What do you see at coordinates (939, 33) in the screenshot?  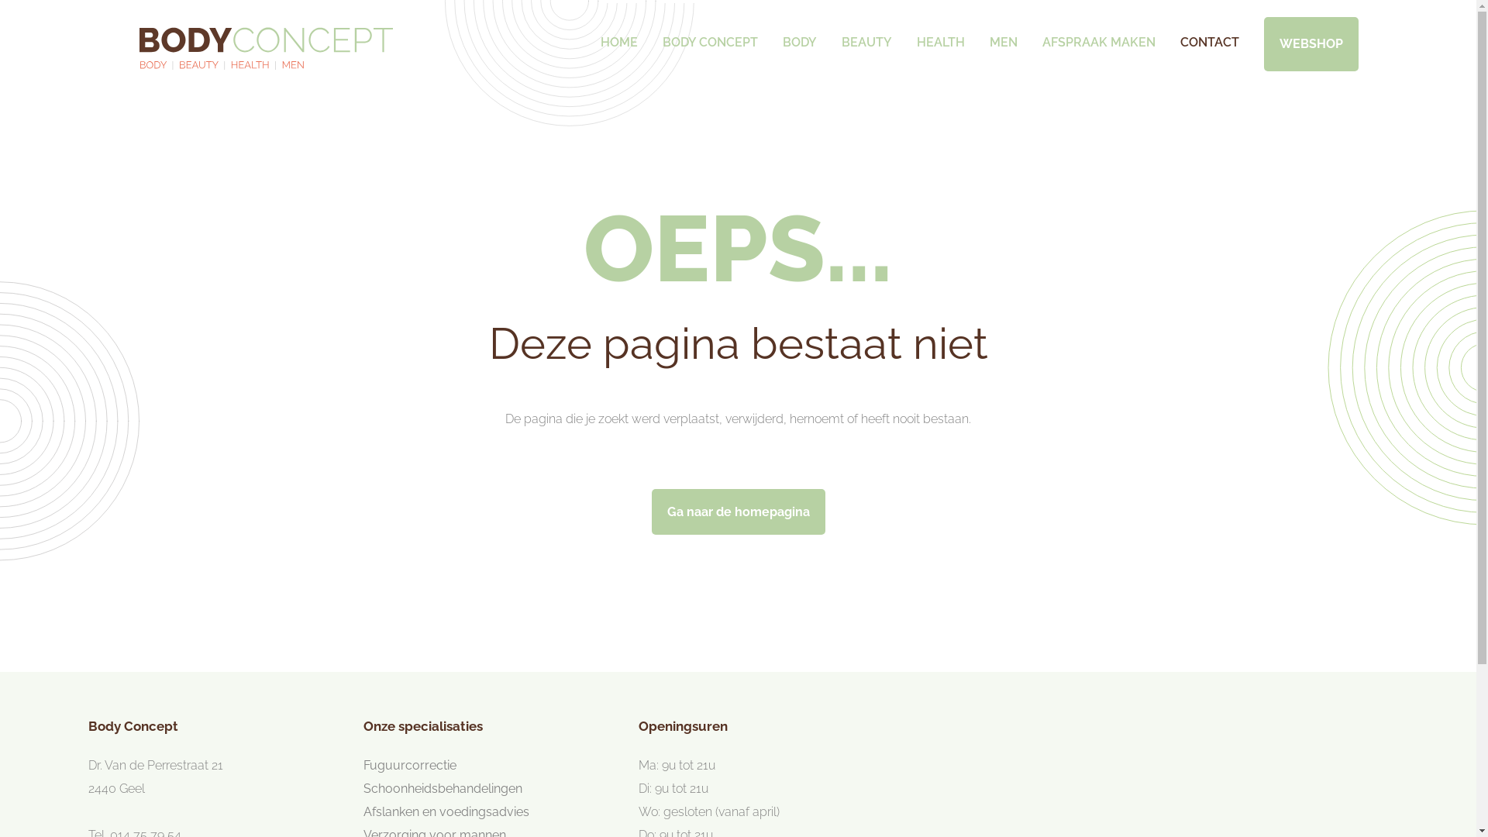 I see `'HEALTH'` at bounding box center [939, 33].